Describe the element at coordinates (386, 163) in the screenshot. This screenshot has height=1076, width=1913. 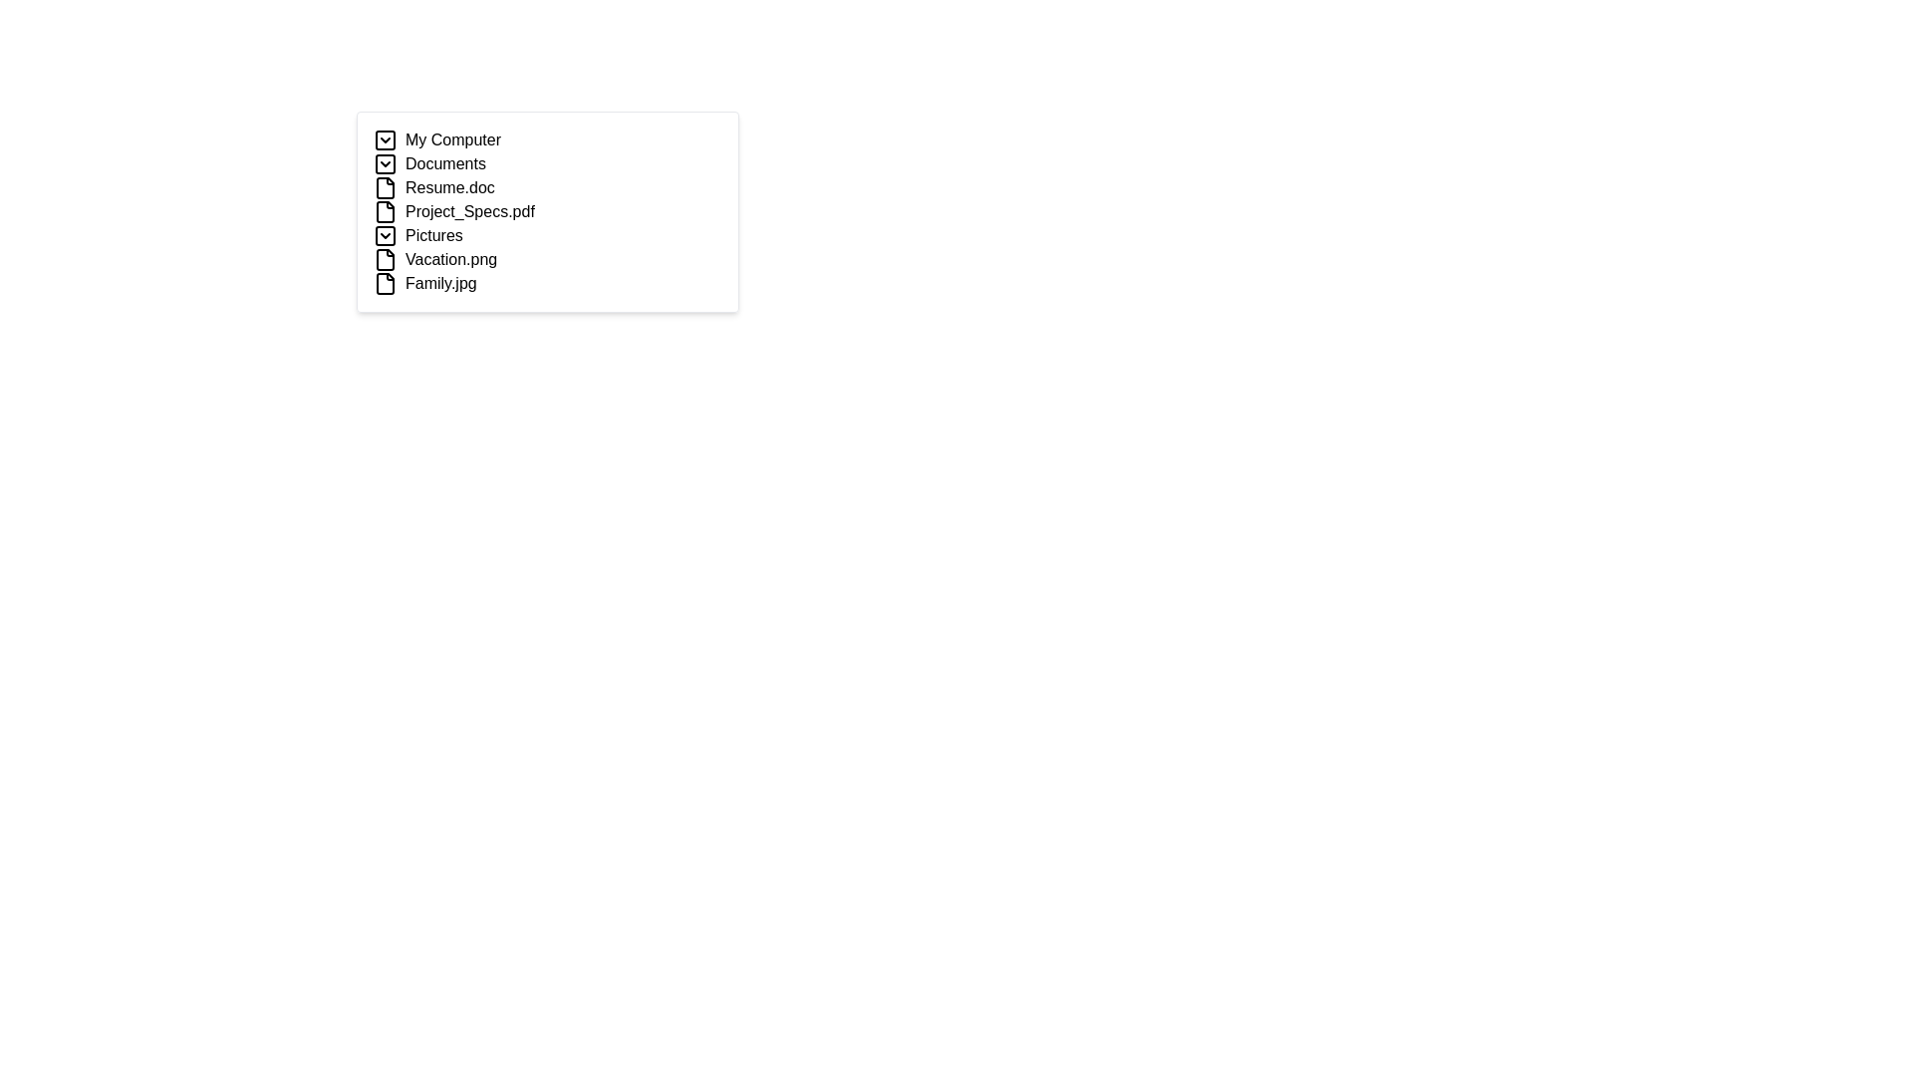
I see `the Collapse/Expand Button located to the left of the 'Documents' label in the navigation menu` at that location.